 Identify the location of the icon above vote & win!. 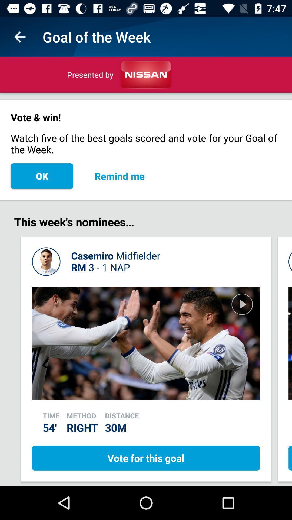
(19, 37).